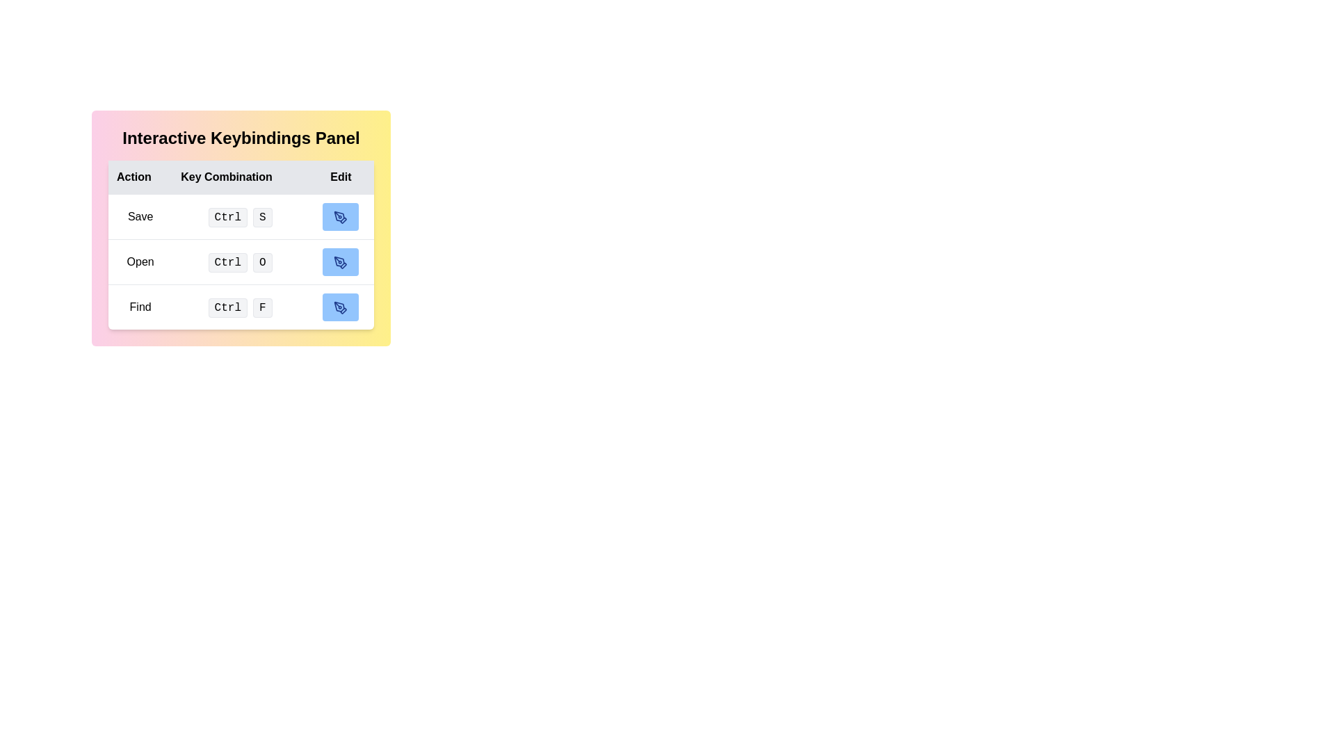  Describe the element at coordinates (341, 306) in the screenshot. I see `the blue rectangular button with rounded corners in the 'Edit' column of the 'Find' row` at that location.